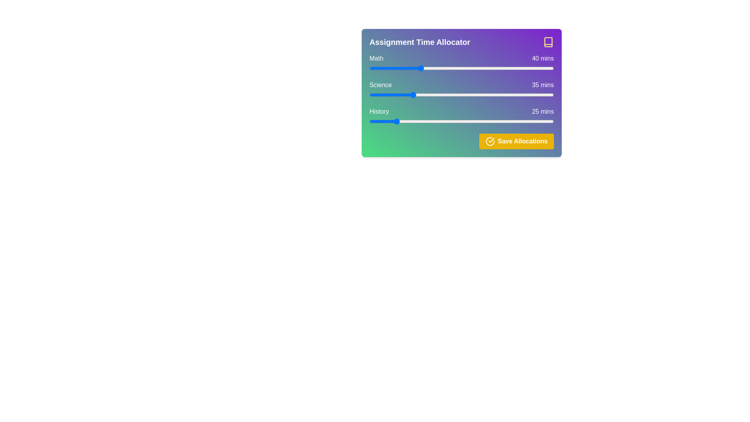  Describe the element at coordinates (418, 122) in the screenshot. I see `history time allocation` at that location.